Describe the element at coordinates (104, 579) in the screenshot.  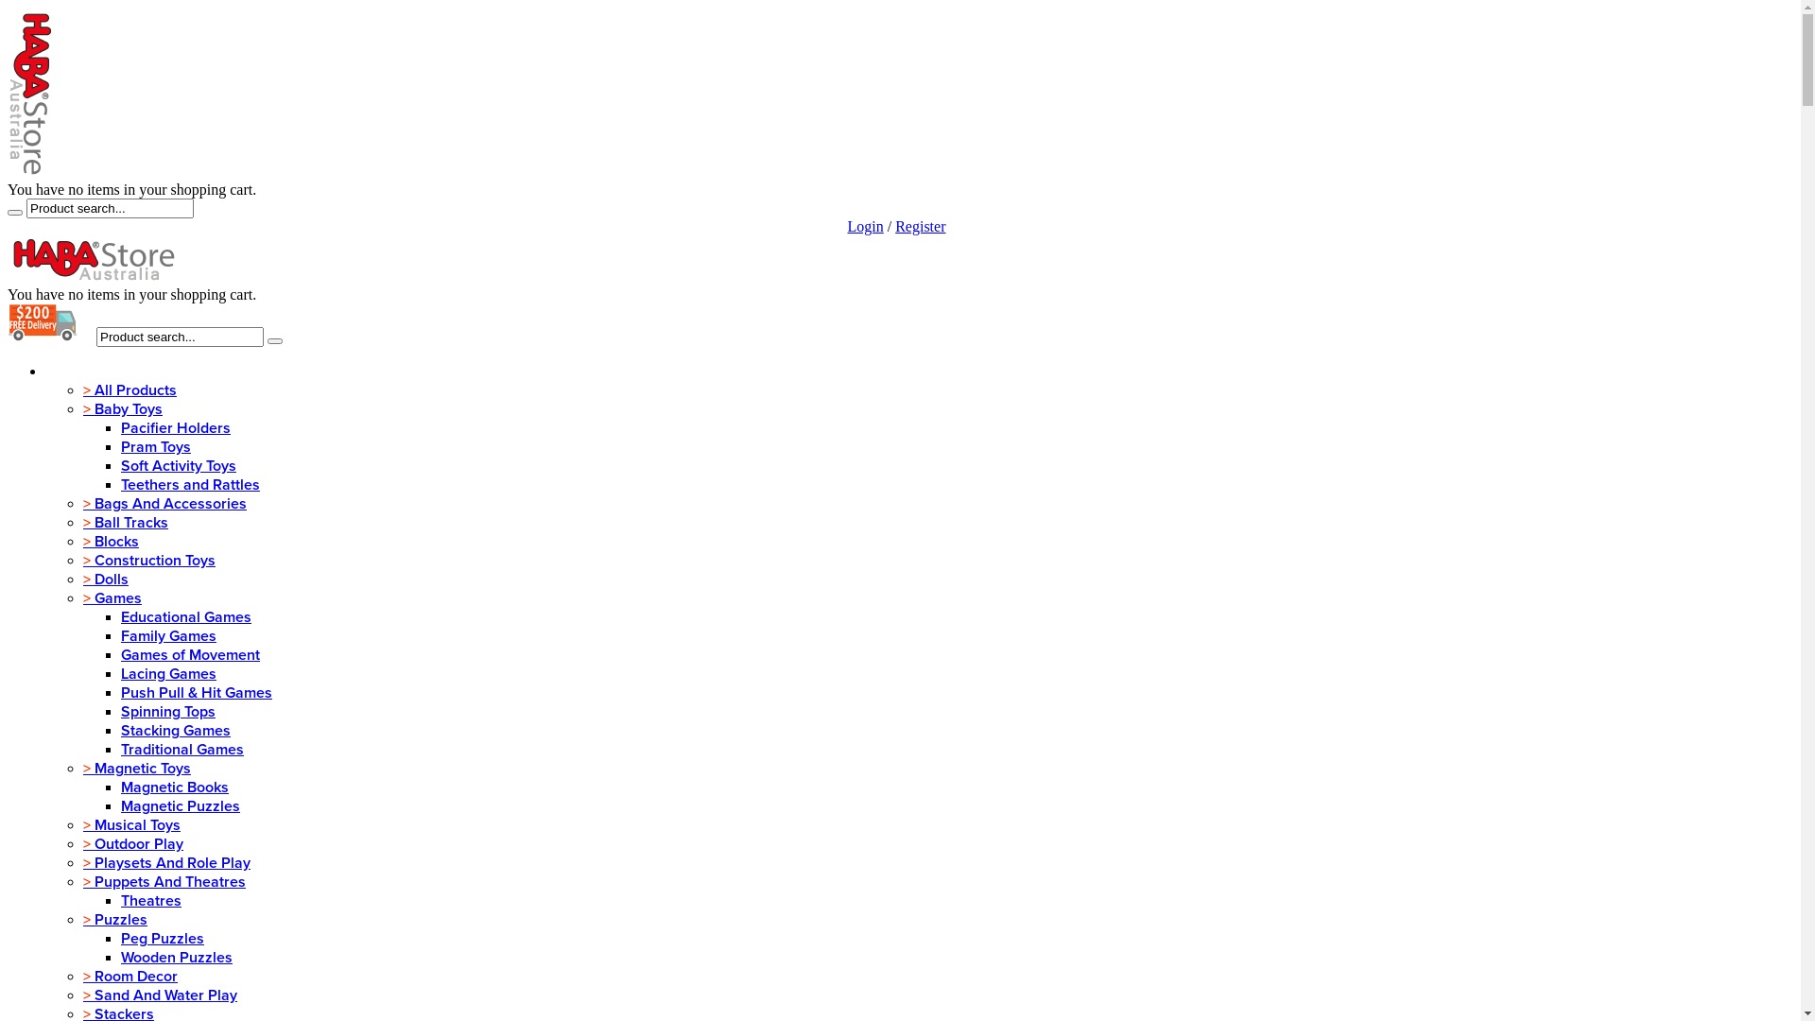
I see `'> Dolls'` at that location.